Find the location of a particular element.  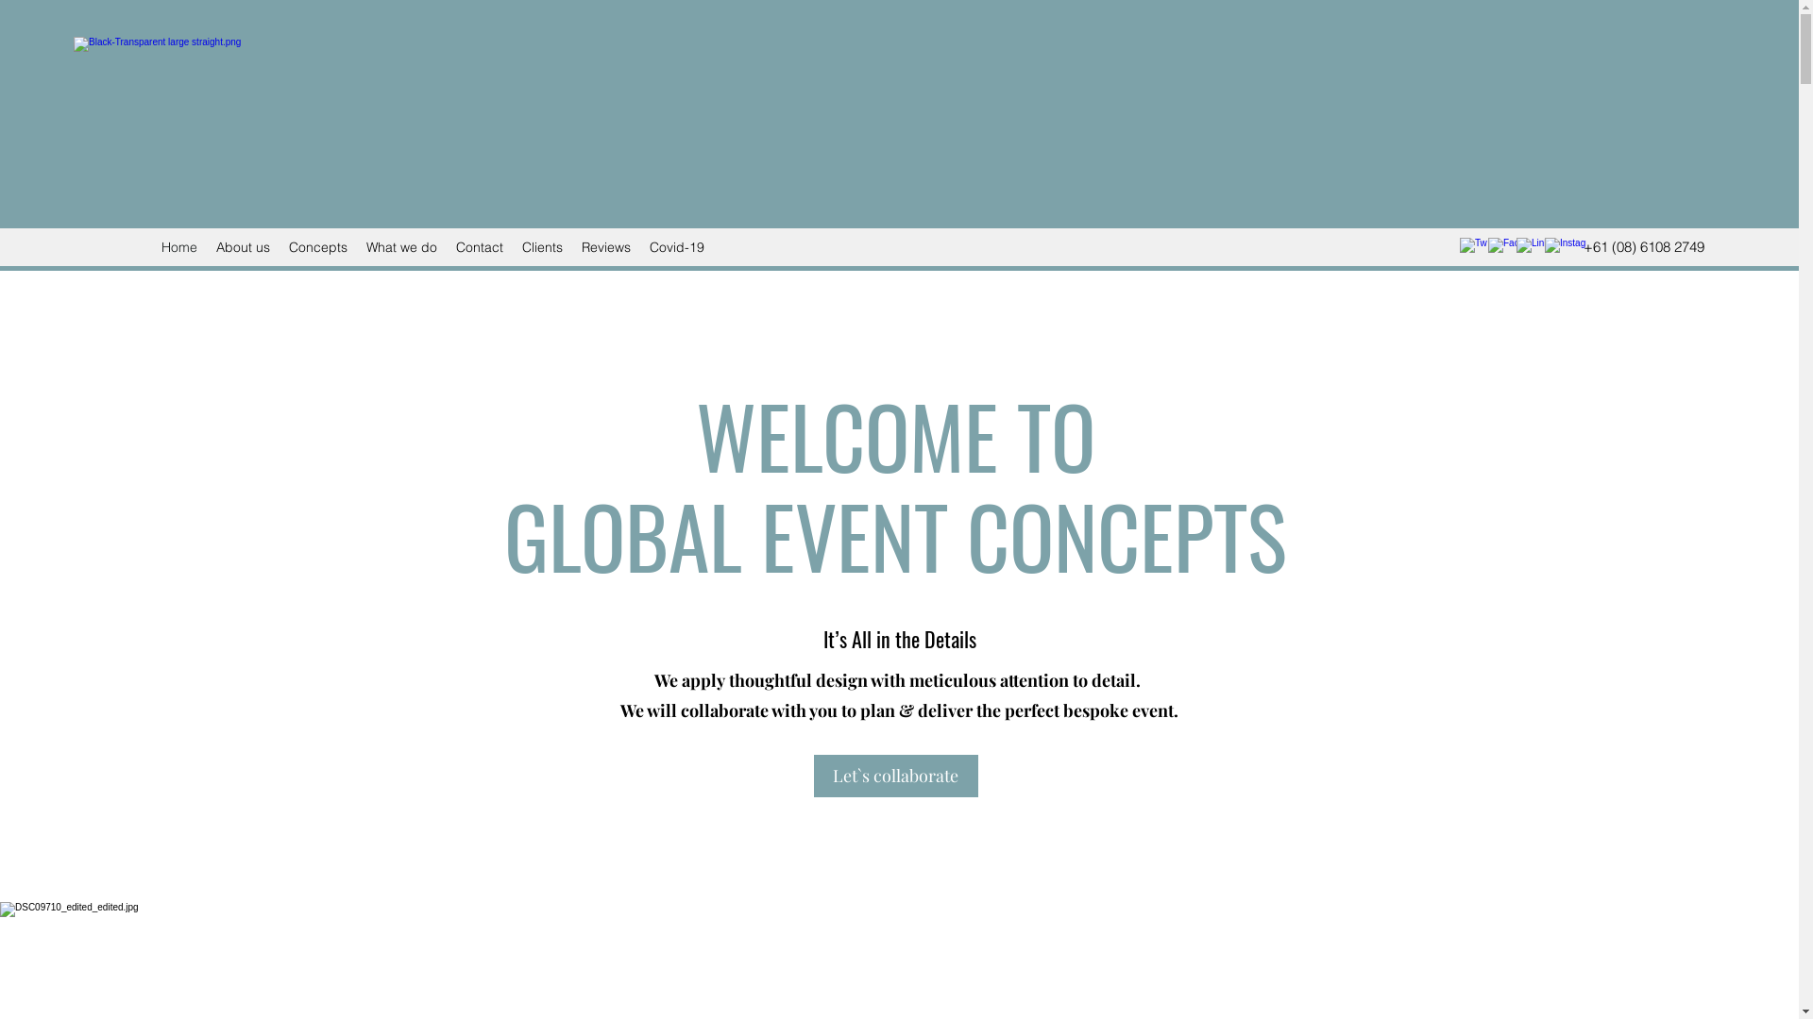

'Contact' is located at coordinates (480, 246).